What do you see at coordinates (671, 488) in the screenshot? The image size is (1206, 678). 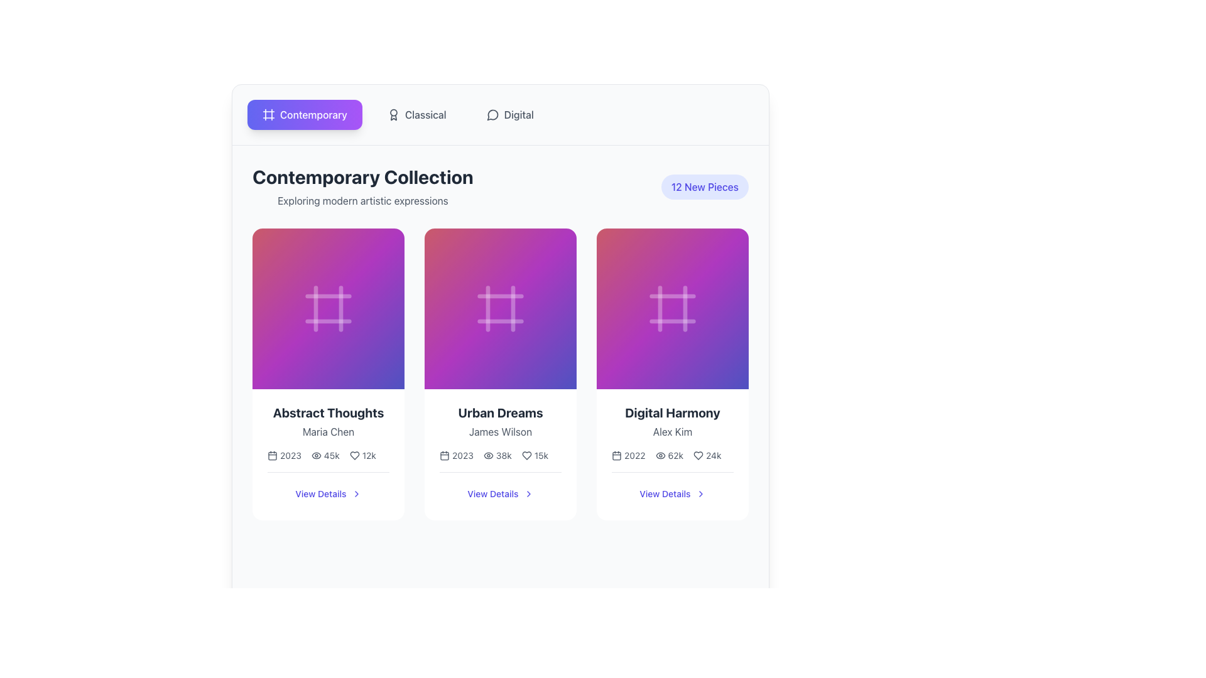 I see `the interactive button located at the bottom center of the 'Digital Harmony' card` at bounding box center [671, 488].